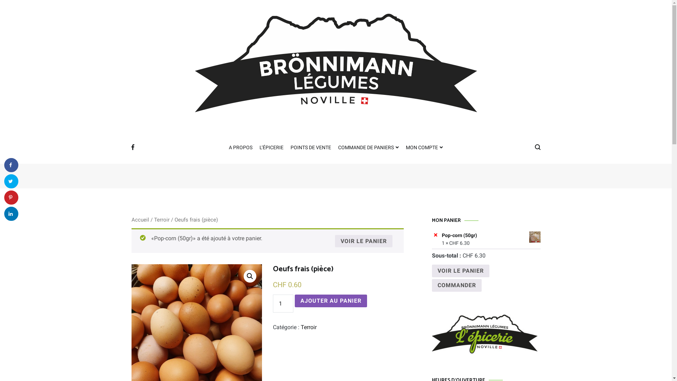  What do you see at coordinates (291, 147) in the screenshot?
I see `'POINTS DE VENTE'` at bounding box center [291, 147].